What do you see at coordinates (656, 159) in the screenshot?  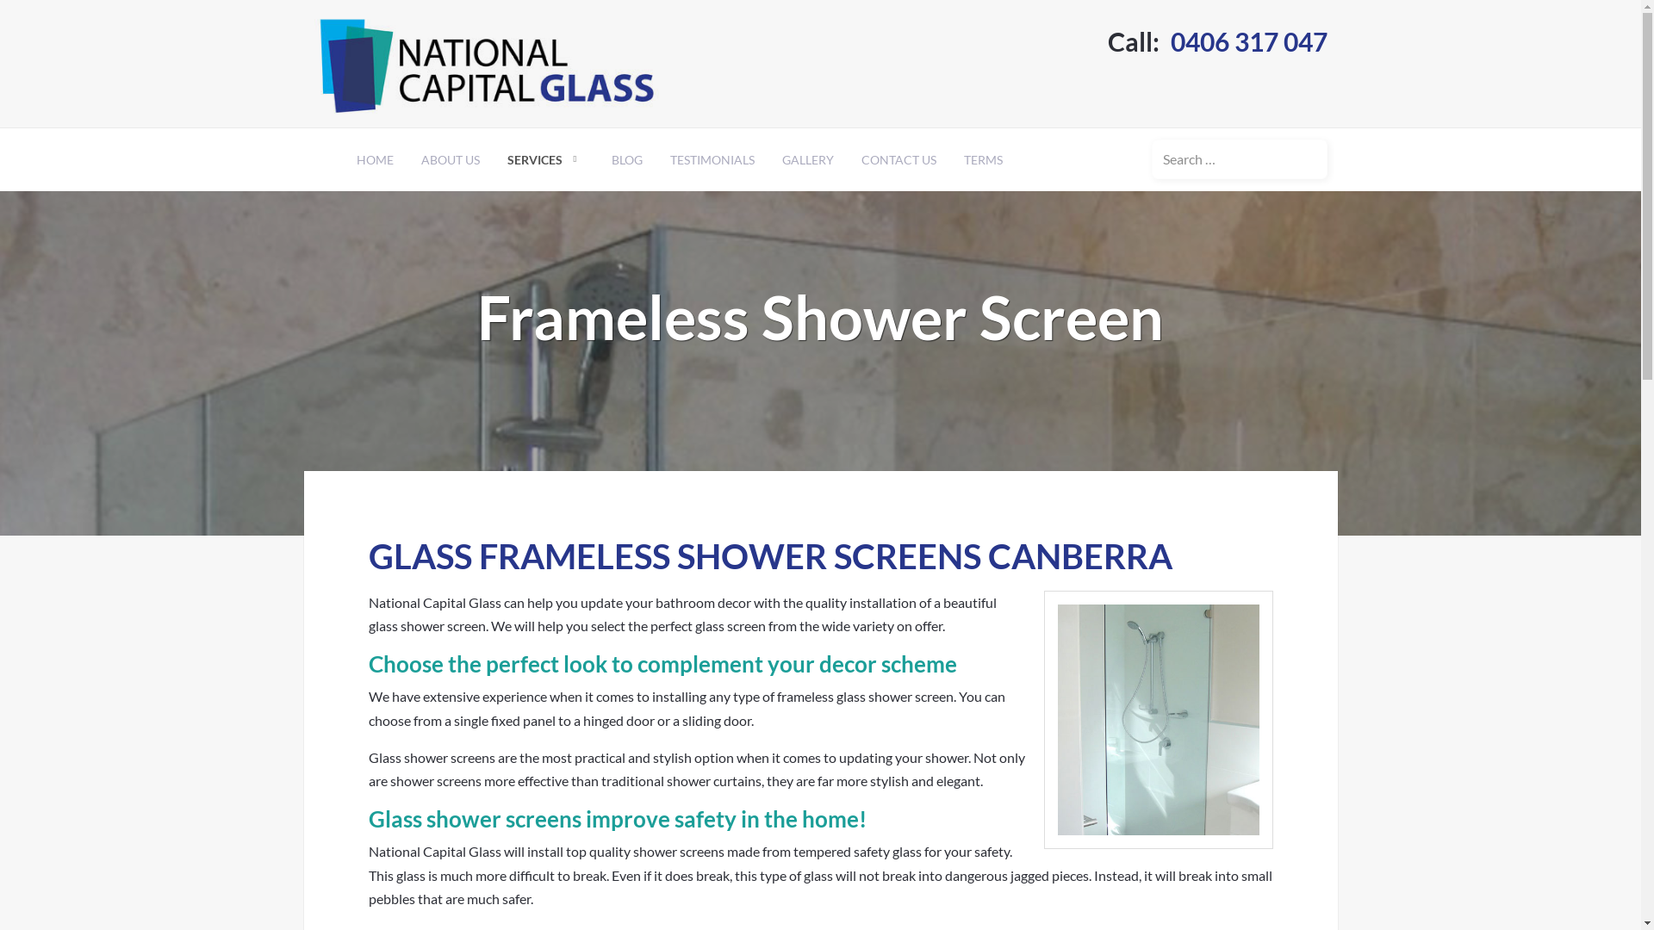 I see `'TESTIMONIALS'` at bounding box center [656, 159].